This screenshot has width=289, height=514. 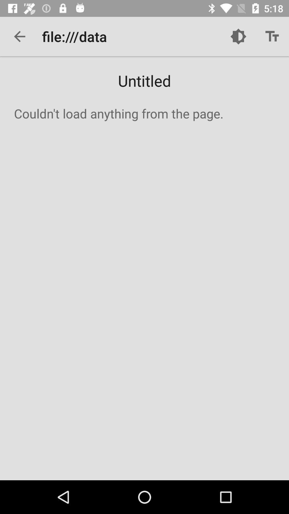 I want to click on icon above untitled item, so click(x=272, y=36).